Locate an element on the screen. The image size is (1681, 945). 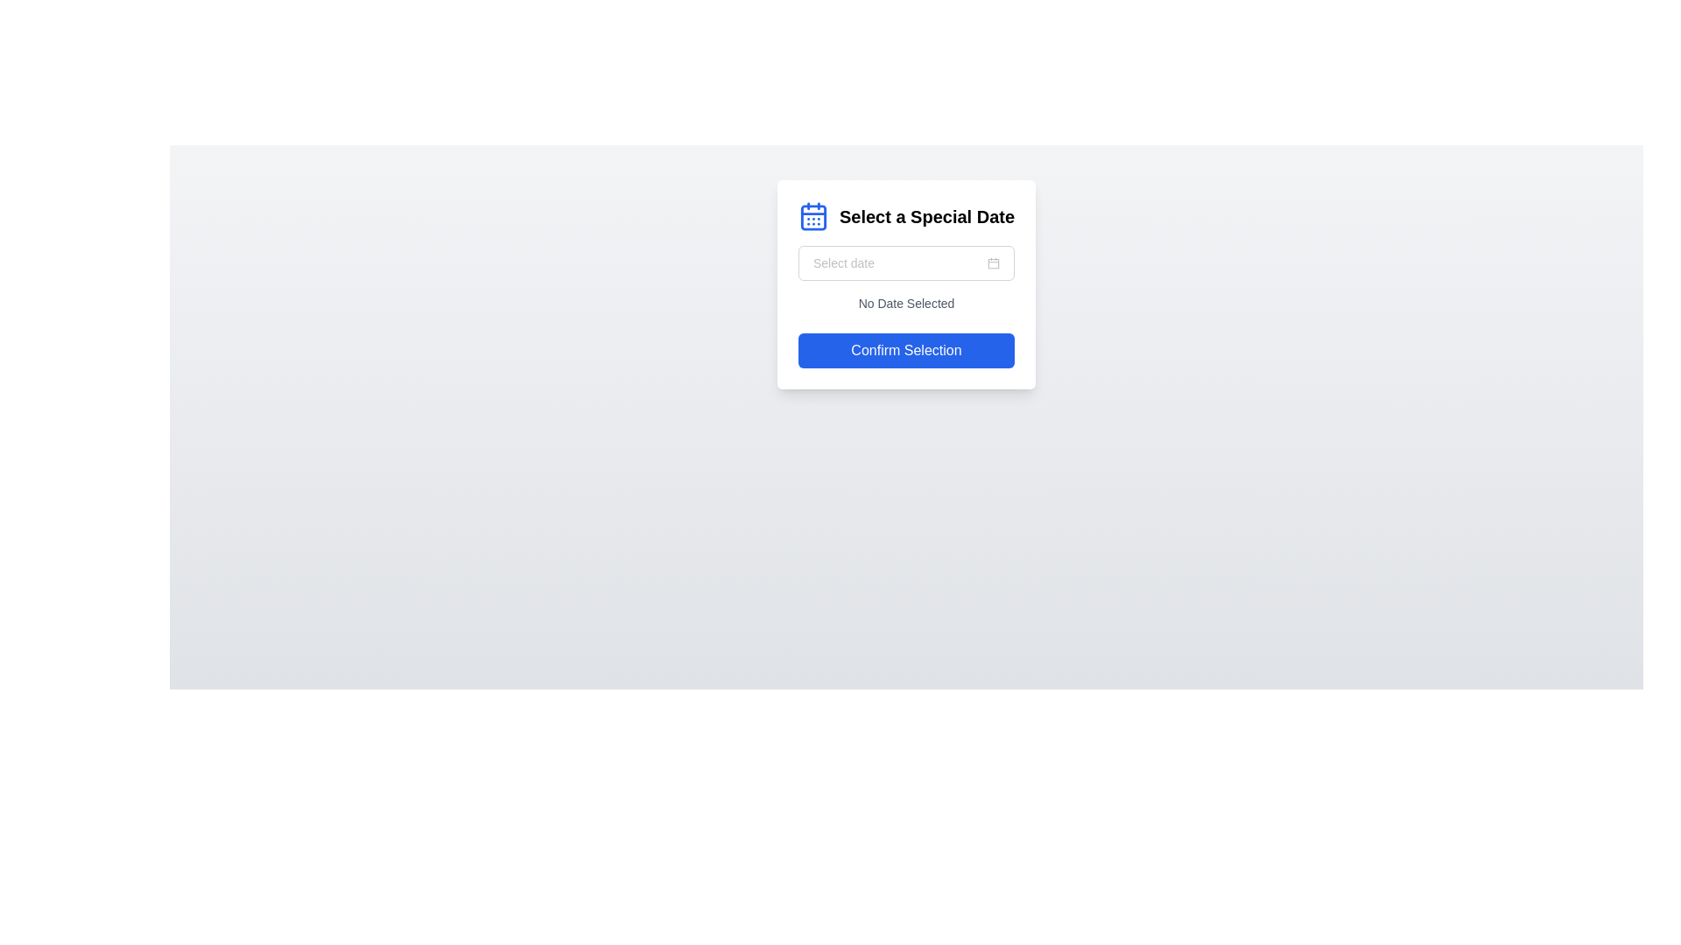
the visual decoration within the SVG calendar icon, located to the left of the title 'Select a Special Date' at the top of the modal popup is located at coordinates (812, 216).